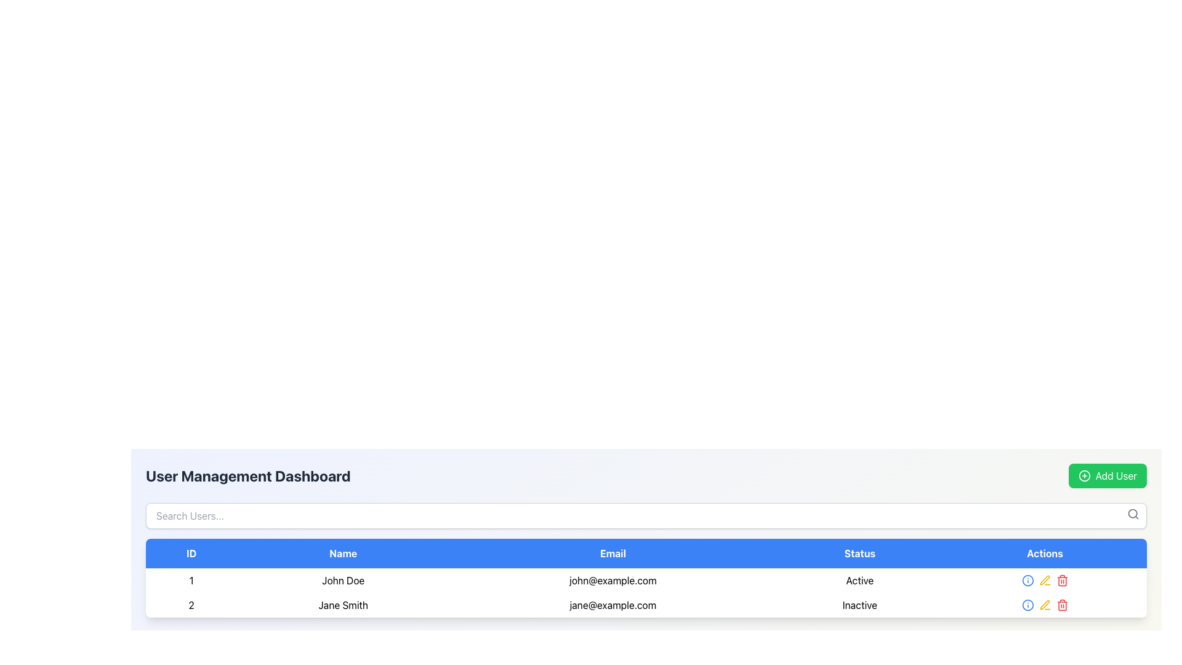 This screenshot has height=665, width=1182. Describe the element at coordinates (1044, 605) in the screenshot. I see `the Icon Button in the Actions column of the second row corresponding to 'Jane Smith'` at that location.